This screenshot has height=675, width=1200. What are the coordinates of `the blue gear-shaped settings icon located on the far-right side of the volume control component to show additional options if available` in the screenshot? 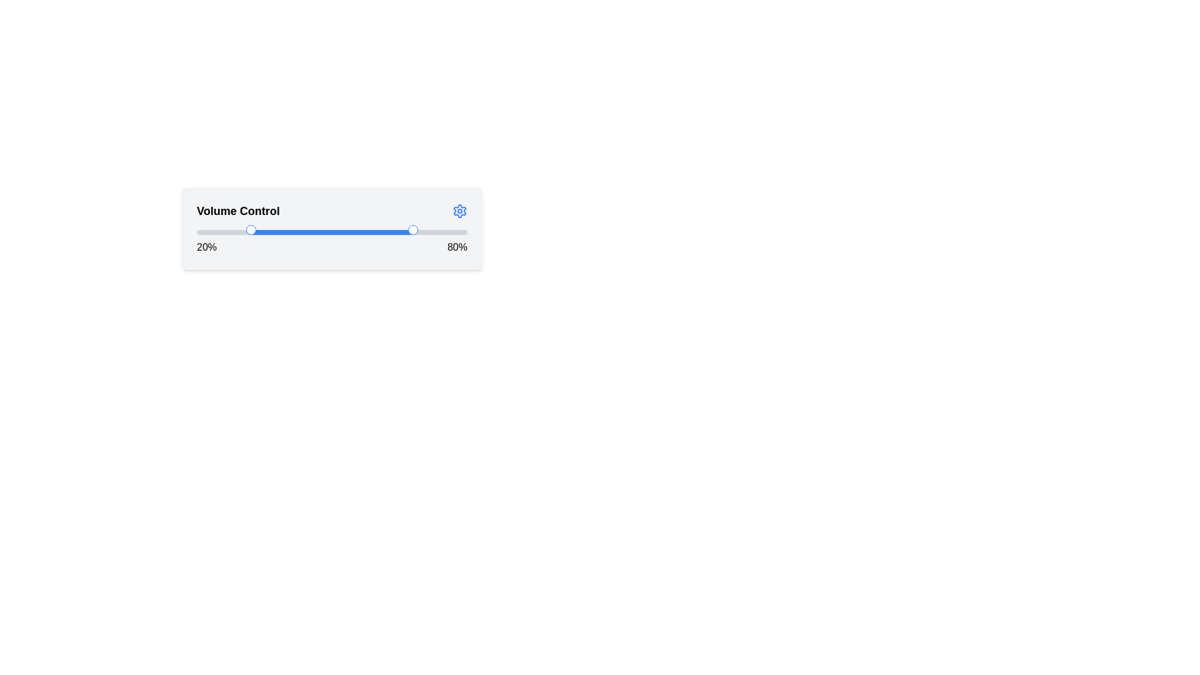 It's located at (459, 211).